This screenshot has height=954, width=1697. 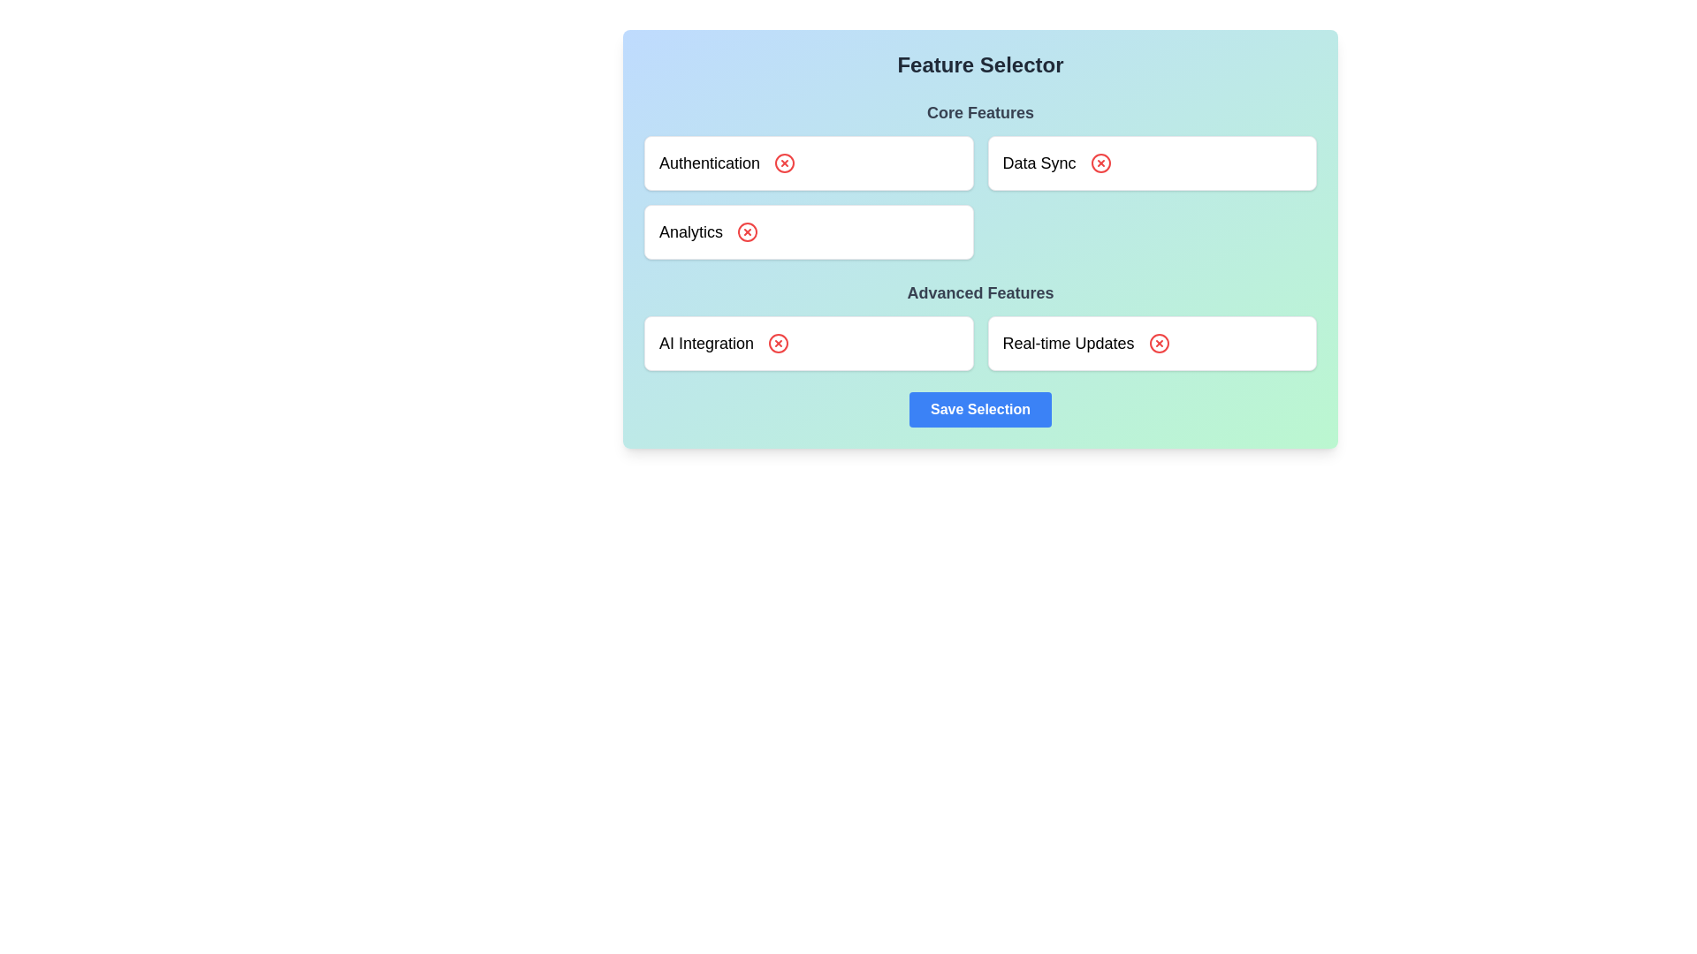 What do you see at coordinates (710, 163) in the screenshot?
I see `the 'Authentication' text label located in the upper-left section of the blue-green gradient card under the 'Core Features' heading` at bounding box center [710, 163].